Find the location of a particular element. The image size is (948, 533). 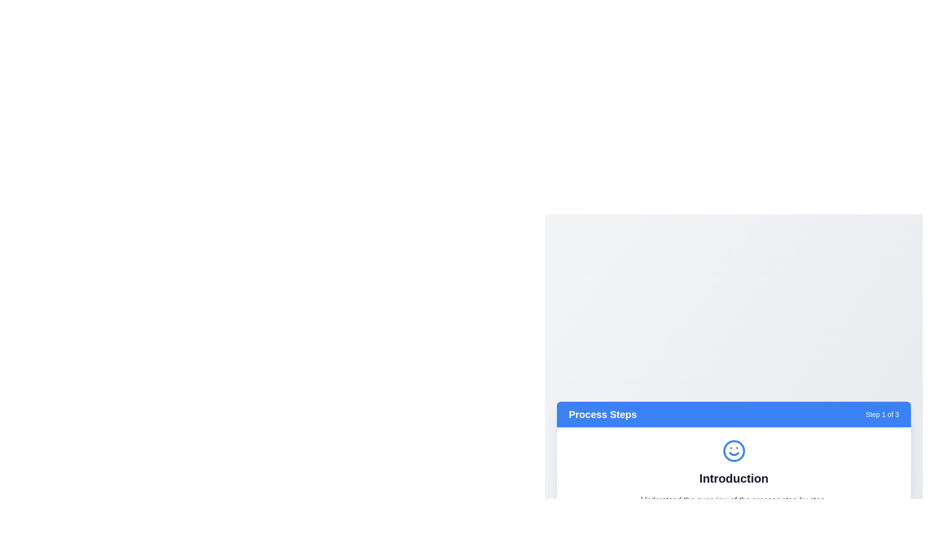

text of the 'Process Steps' label, which is displayed in bold on a blue rectangular background at the top of the section is located at coordinates (602, 414).